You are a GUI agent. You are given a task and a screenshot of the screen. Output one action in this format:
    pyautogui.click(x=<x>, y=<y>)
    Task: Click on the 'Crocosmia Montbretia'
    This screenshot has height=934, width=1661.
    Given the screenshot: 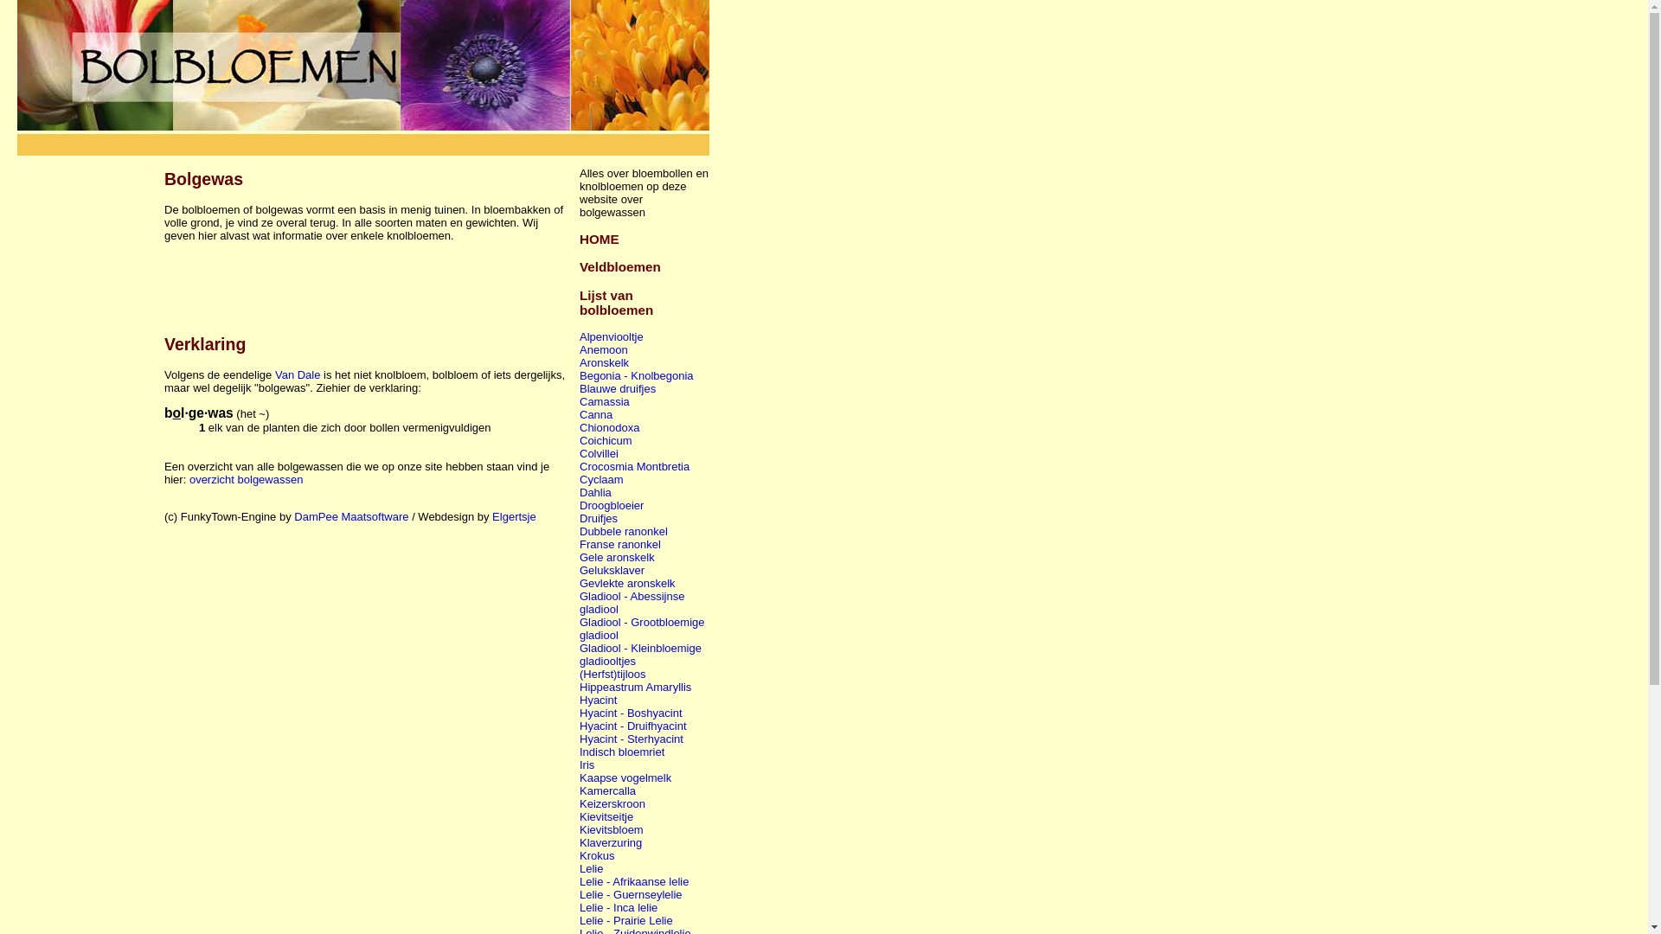 What is the action you would take?
    pyautogui.click(x=633, y=465)
    